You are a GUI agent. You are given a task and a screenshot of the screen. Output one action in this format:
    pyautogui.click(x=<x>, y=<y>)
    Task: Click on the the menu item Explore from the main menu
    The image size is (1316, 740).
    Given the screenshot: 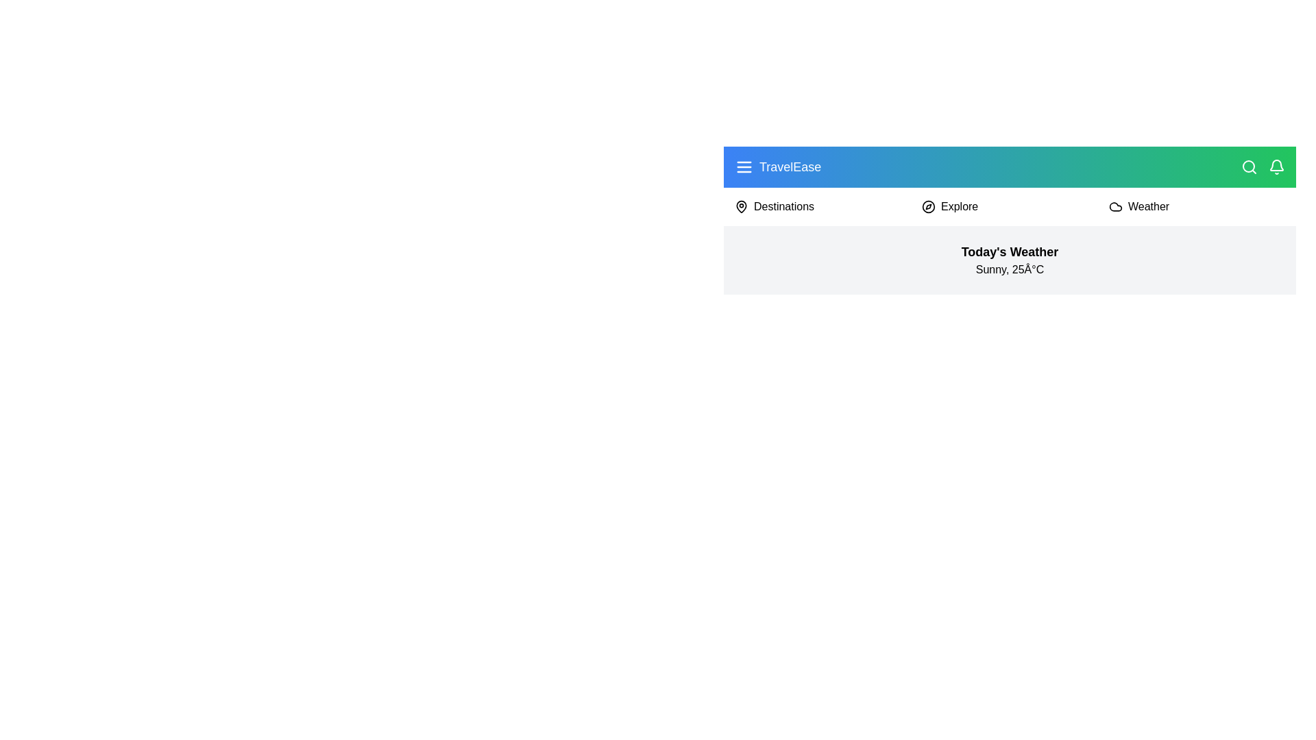 What is the action you would take?
    pyautogui.click(x=959, y=206)
    